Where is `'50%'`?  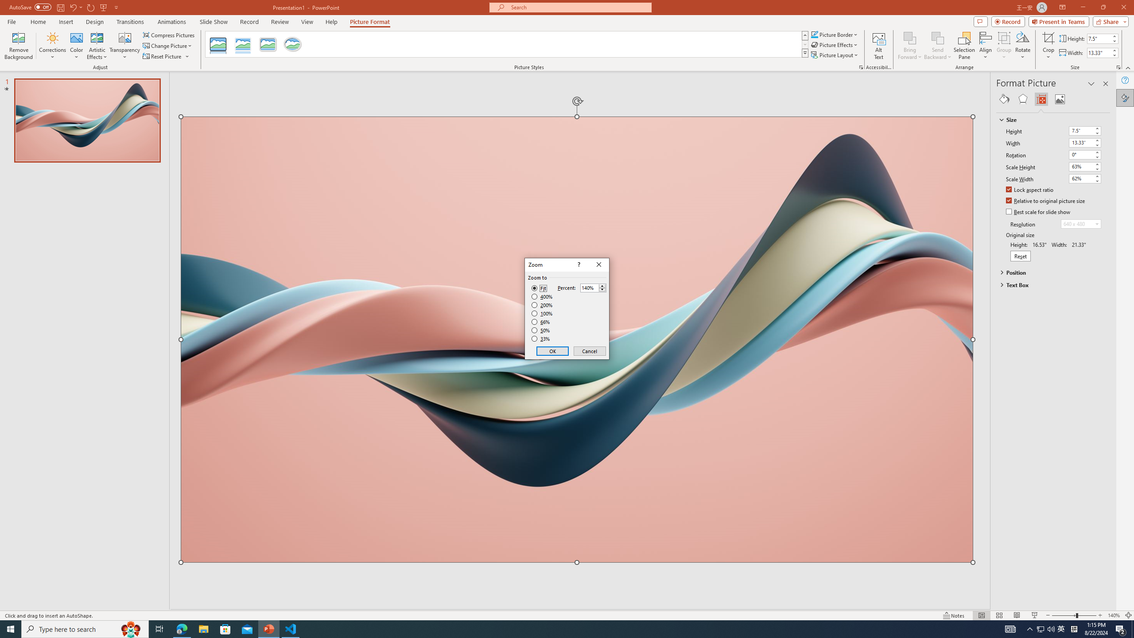
'50%' is located at coordinates (541, 330).